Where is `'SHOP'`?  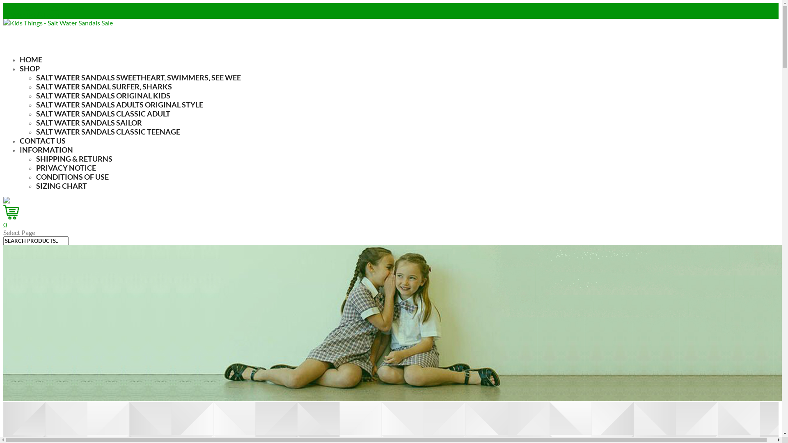 'SHOP' is located at coordinates (30, 68).